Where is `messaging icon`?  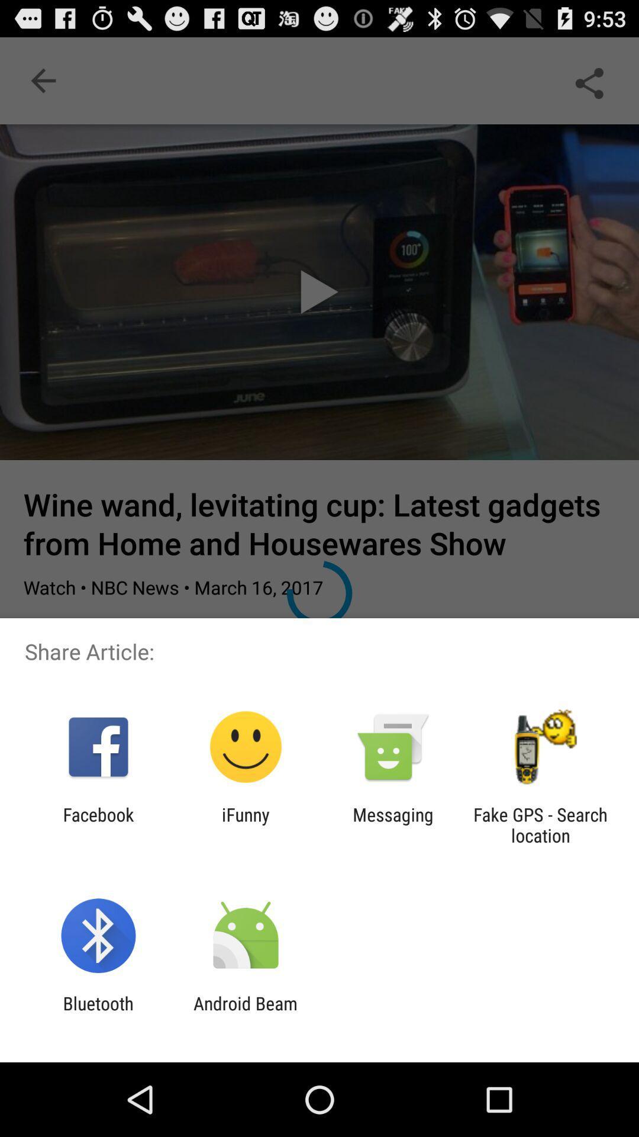 messaging icon is located at coordinates (393, 824).